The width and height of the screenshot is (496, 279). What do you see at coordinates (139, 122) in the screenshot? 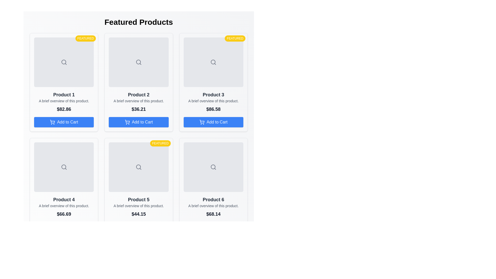
I see `the button that allows users to add 'Product 2' to their shopping cart, located below the '$36.21' price within the product card` at bounding box center [139, 122].